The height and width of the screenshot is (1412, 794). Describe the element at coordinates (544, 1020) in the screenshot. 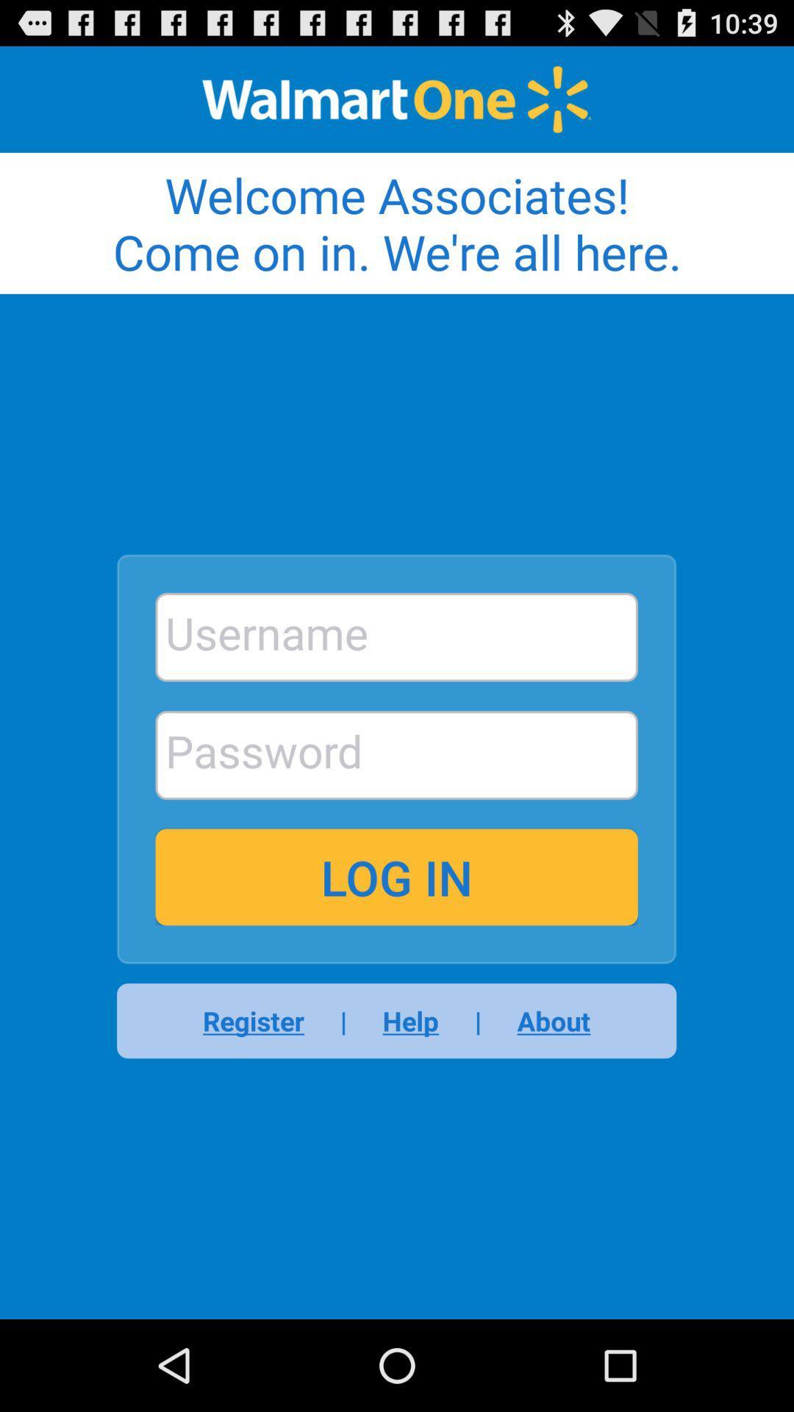

I see `the app at the bottom right corner` at that location.